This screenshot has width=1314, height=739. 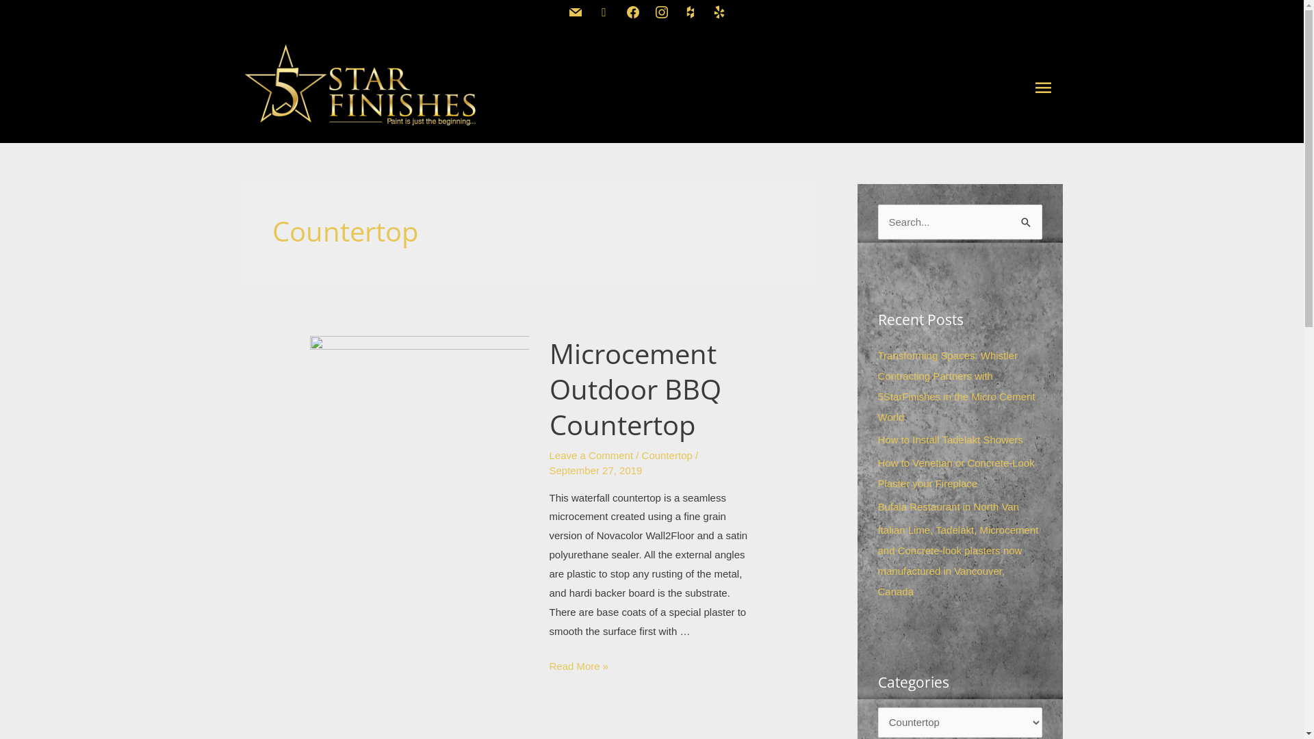 I want to click on 'Main Menu', so click(x=1042, y=84).